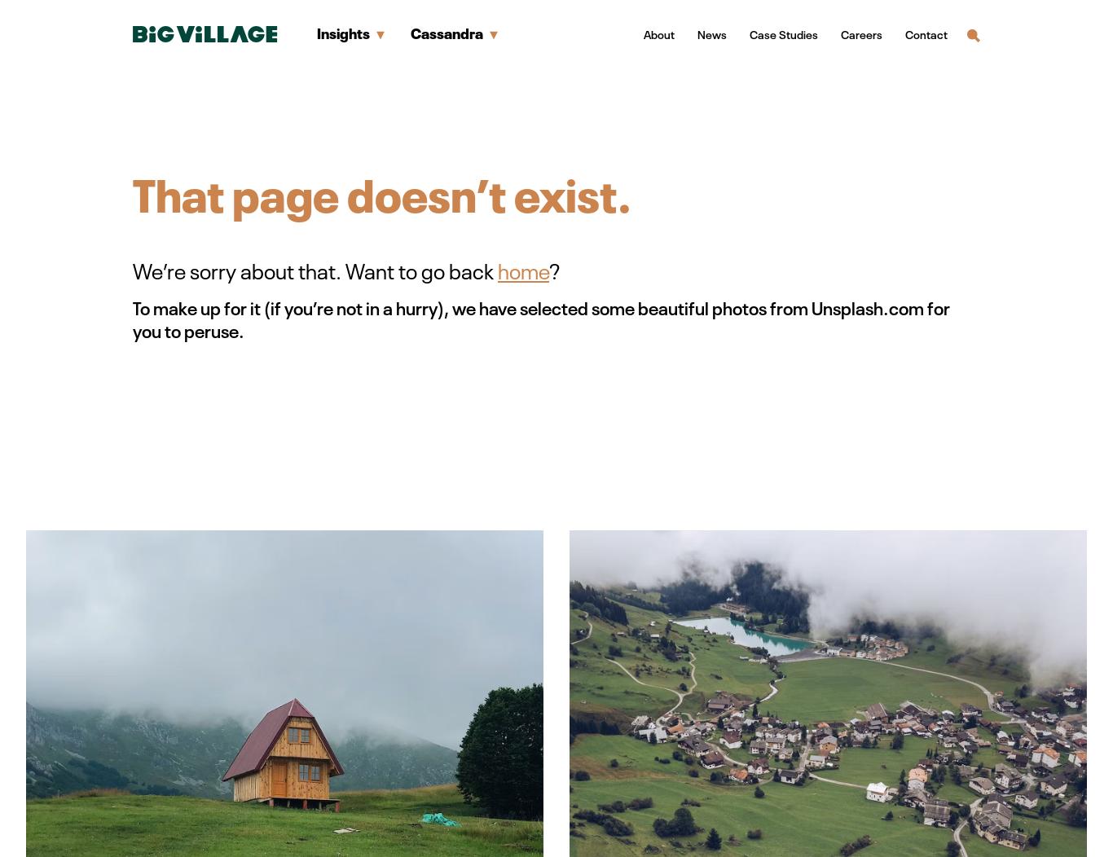 The height and width of the screenshot is (857, 1113). I want to click on 'Contact', so click(926, 33).